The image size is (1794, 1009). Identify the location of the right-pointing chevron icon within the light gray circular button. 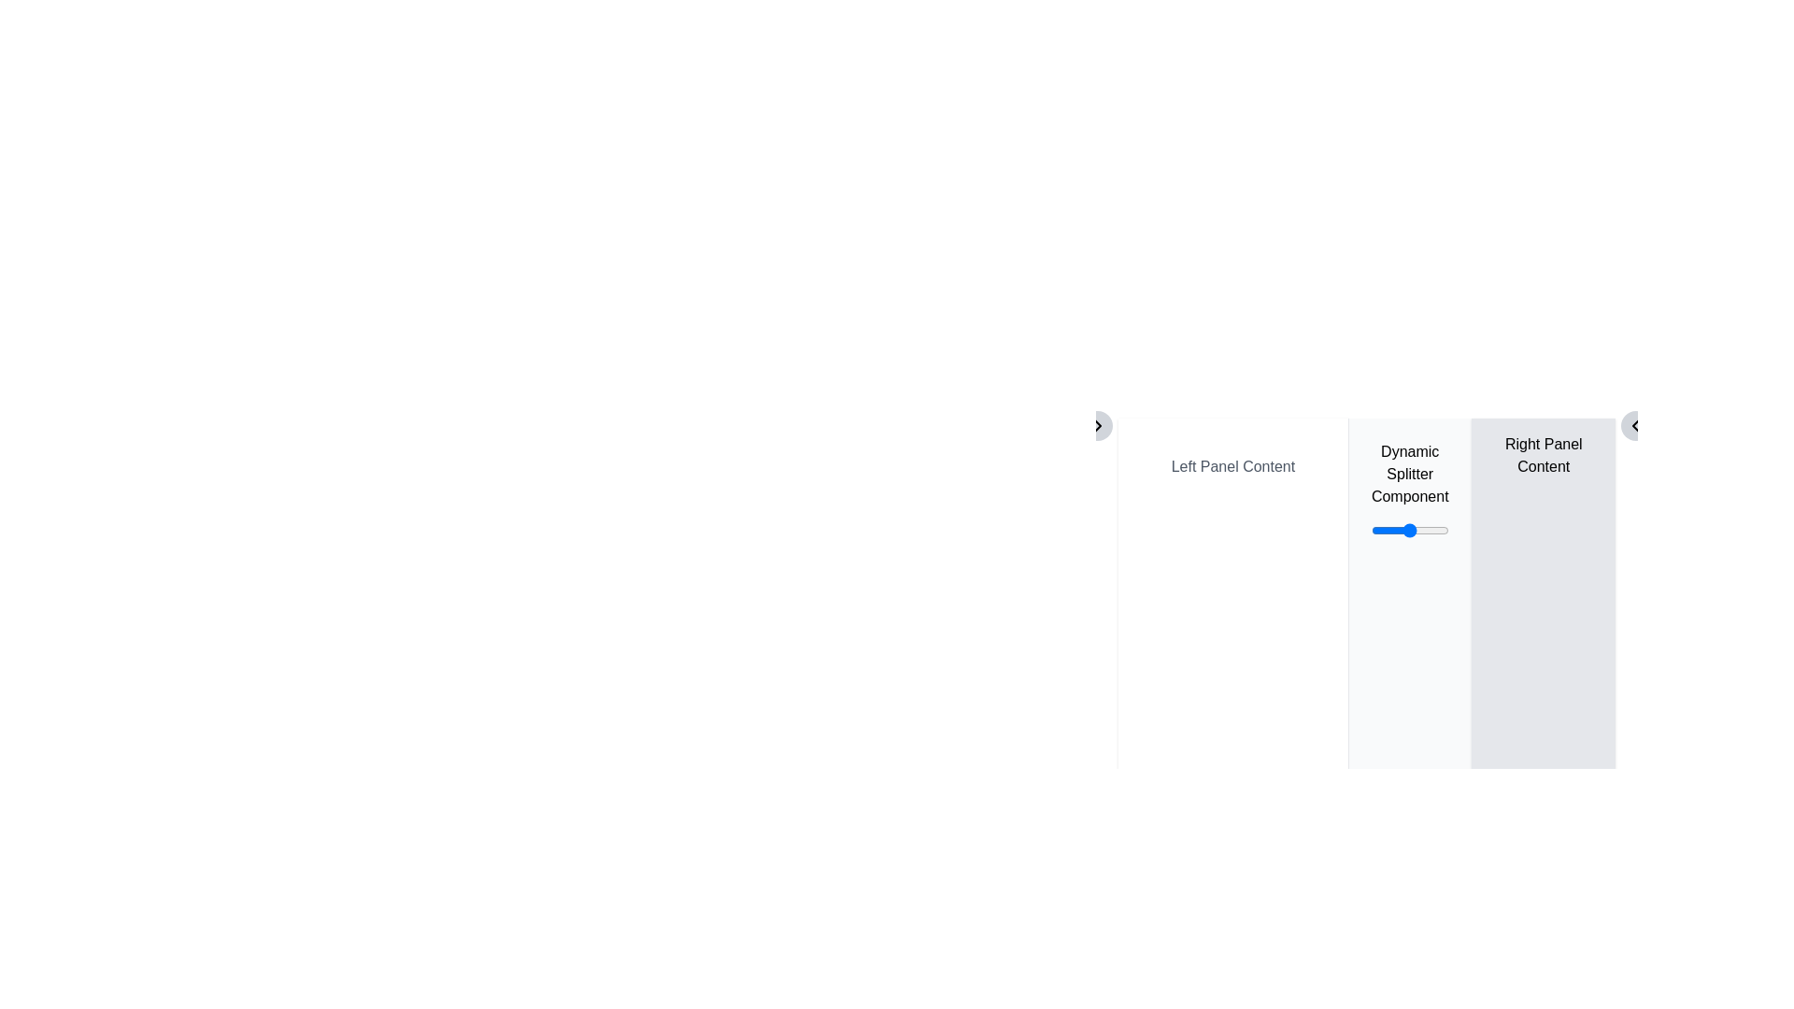
(1098, 425).